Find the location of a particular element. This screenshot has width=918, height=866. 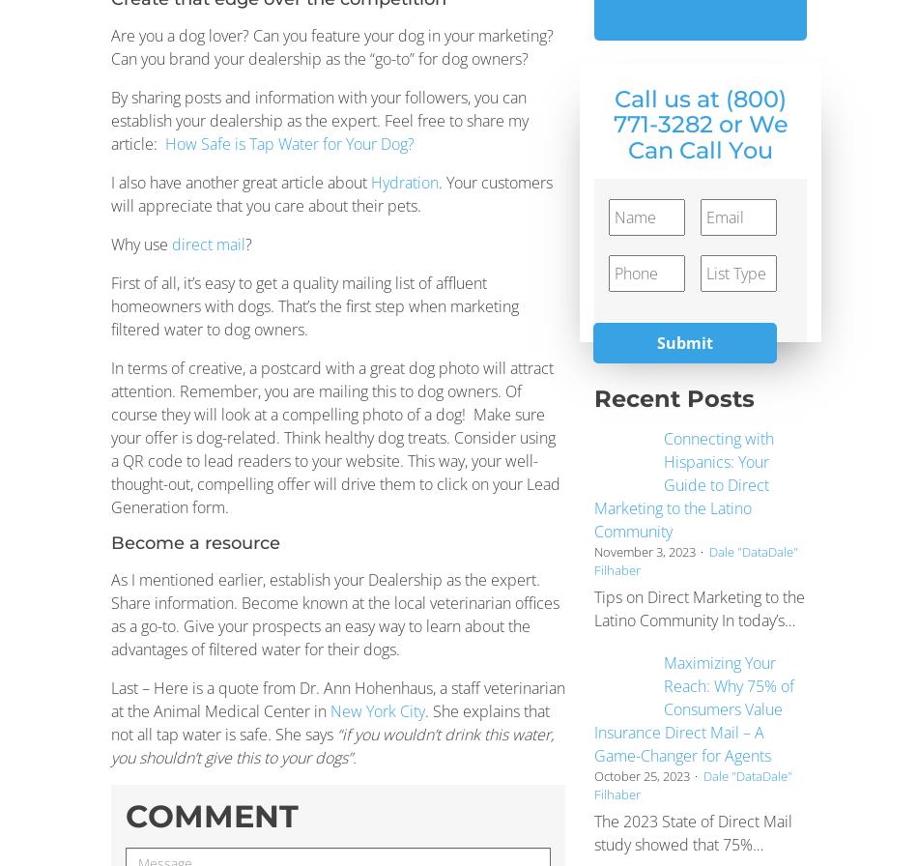

'Call us at (800) 771-3282 or We Can Call You' is located at coordinates (699, 124).